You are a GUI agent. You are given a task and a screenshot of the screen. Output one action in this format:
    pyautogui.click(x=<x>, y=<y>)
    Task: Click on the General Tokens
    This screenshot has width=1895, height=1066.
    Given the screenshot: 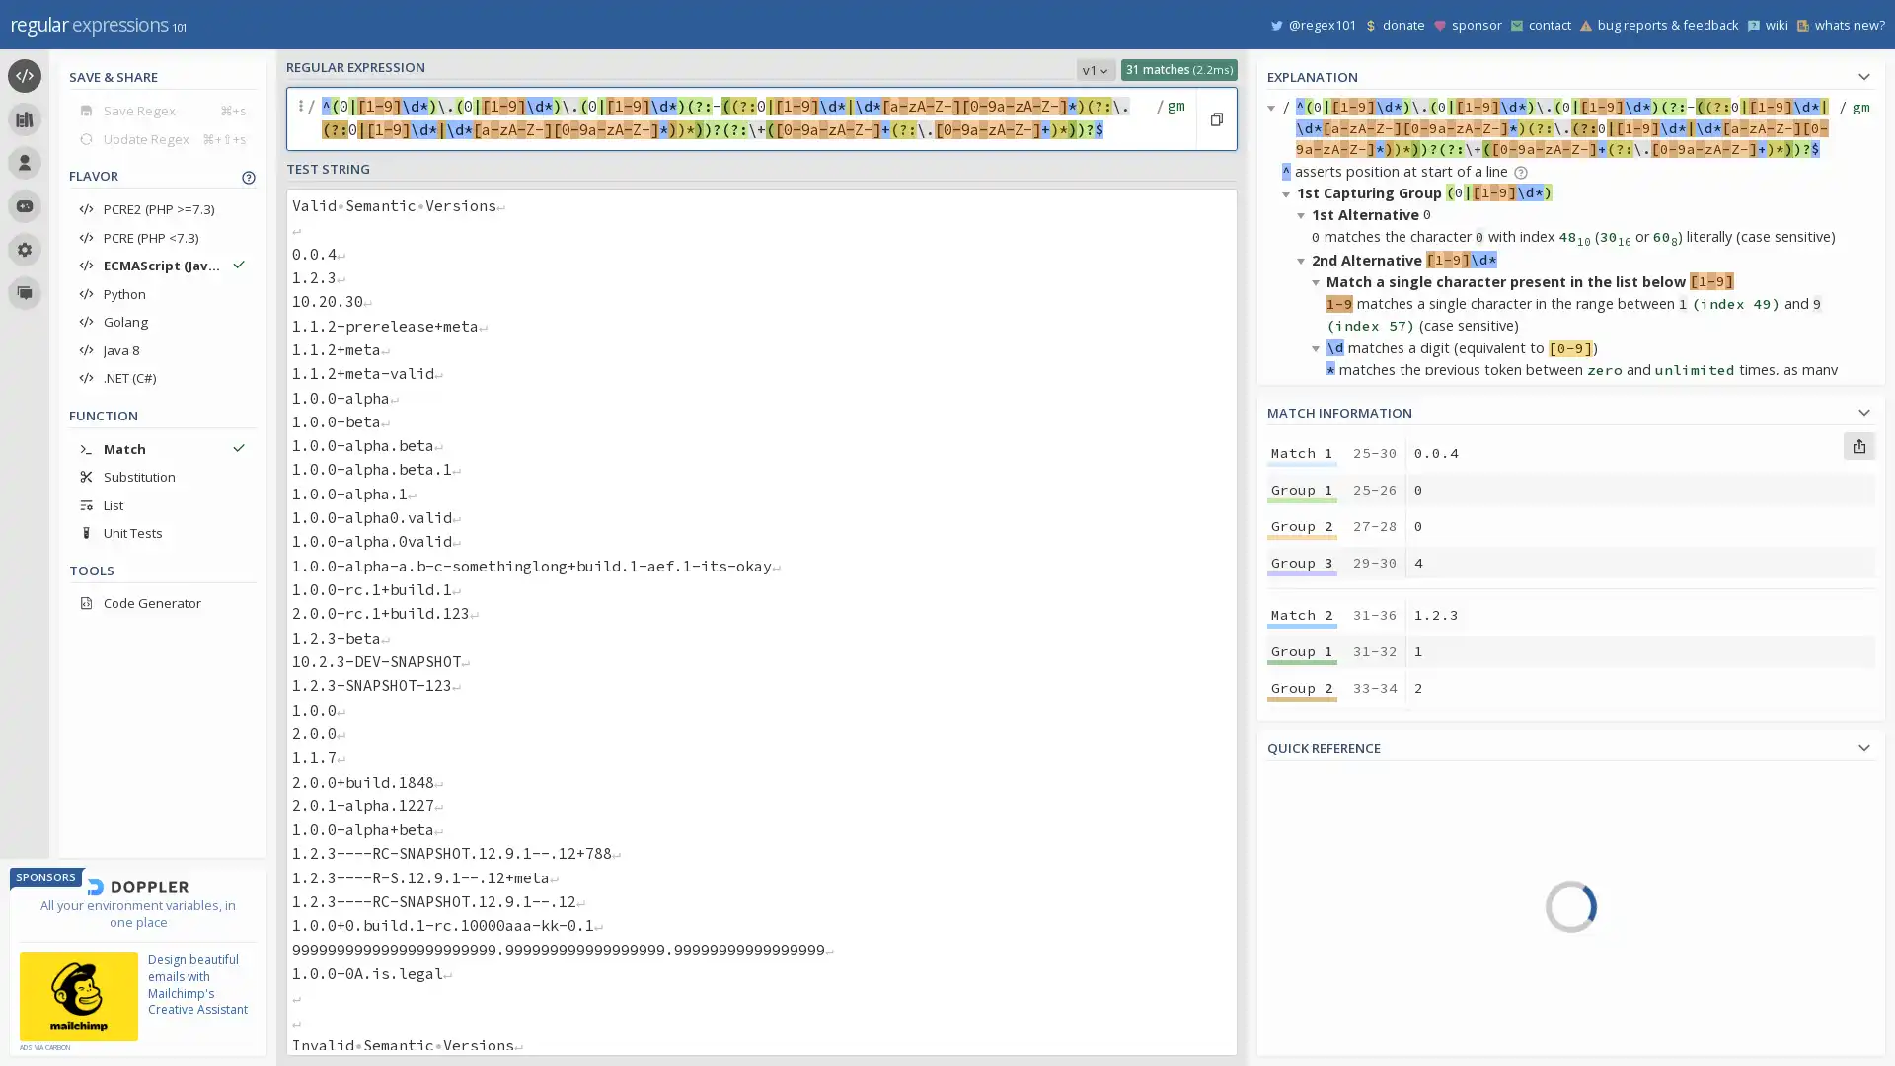 What is the action you would take?
    pyautogui.click(x=1359, y=875)
    